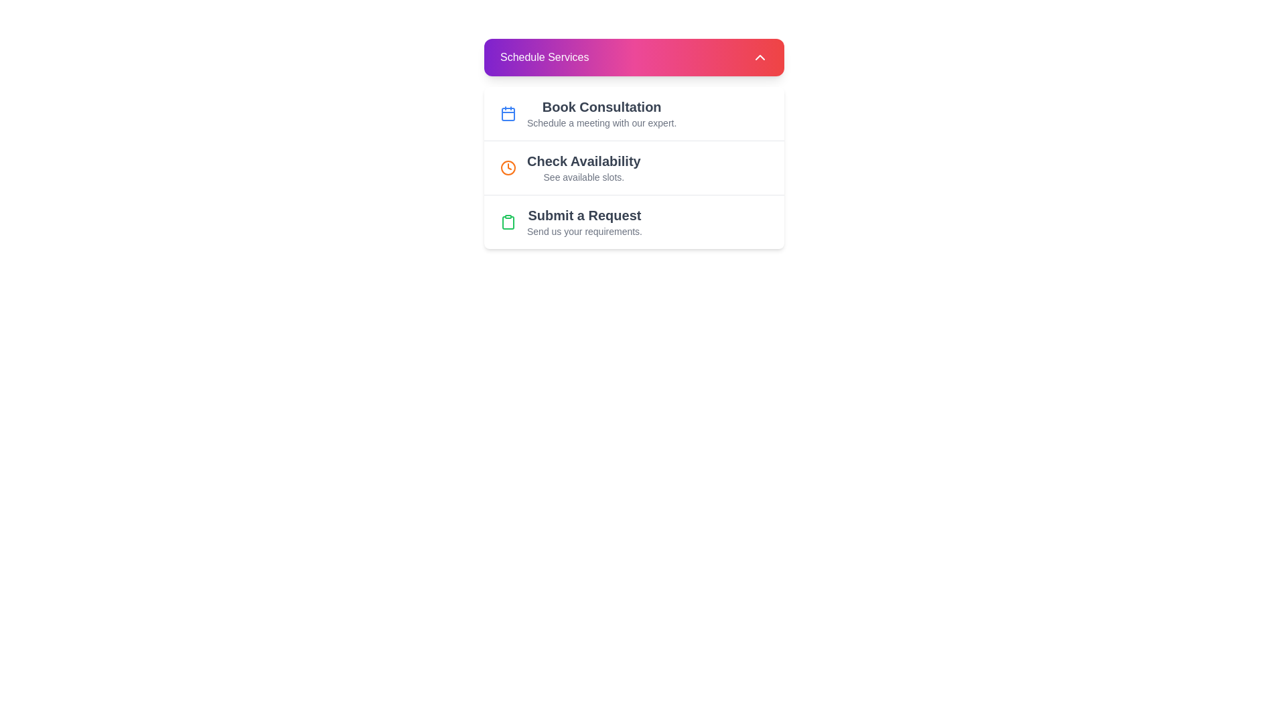  I want to click on the Navigation menu item that allows users to submit a user request via tab navigation, so click(633, 221).